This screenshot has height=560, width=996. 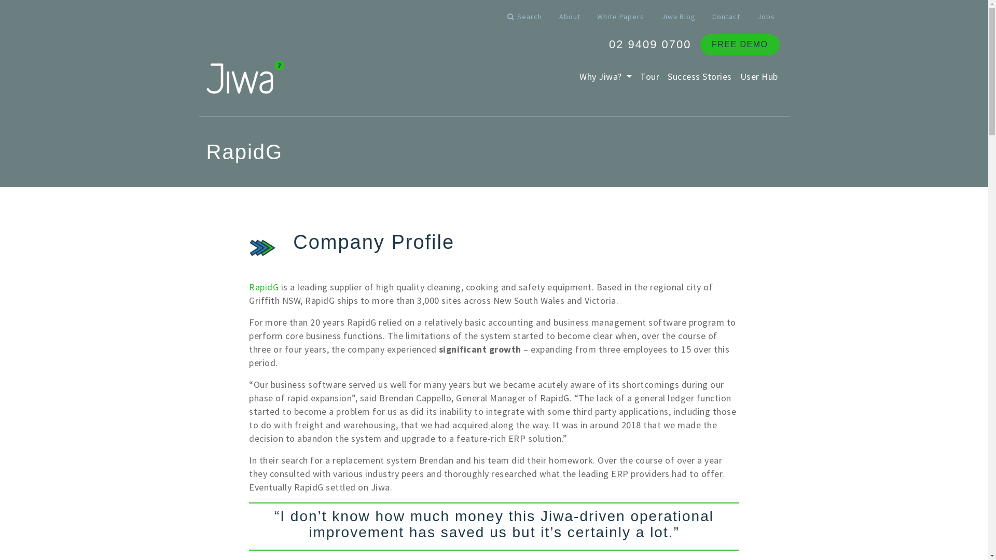 What do you see at coordinates (605, 76) in the screenshot?
I see `'Why Jiwa?'` at bounding box center [605, 76].